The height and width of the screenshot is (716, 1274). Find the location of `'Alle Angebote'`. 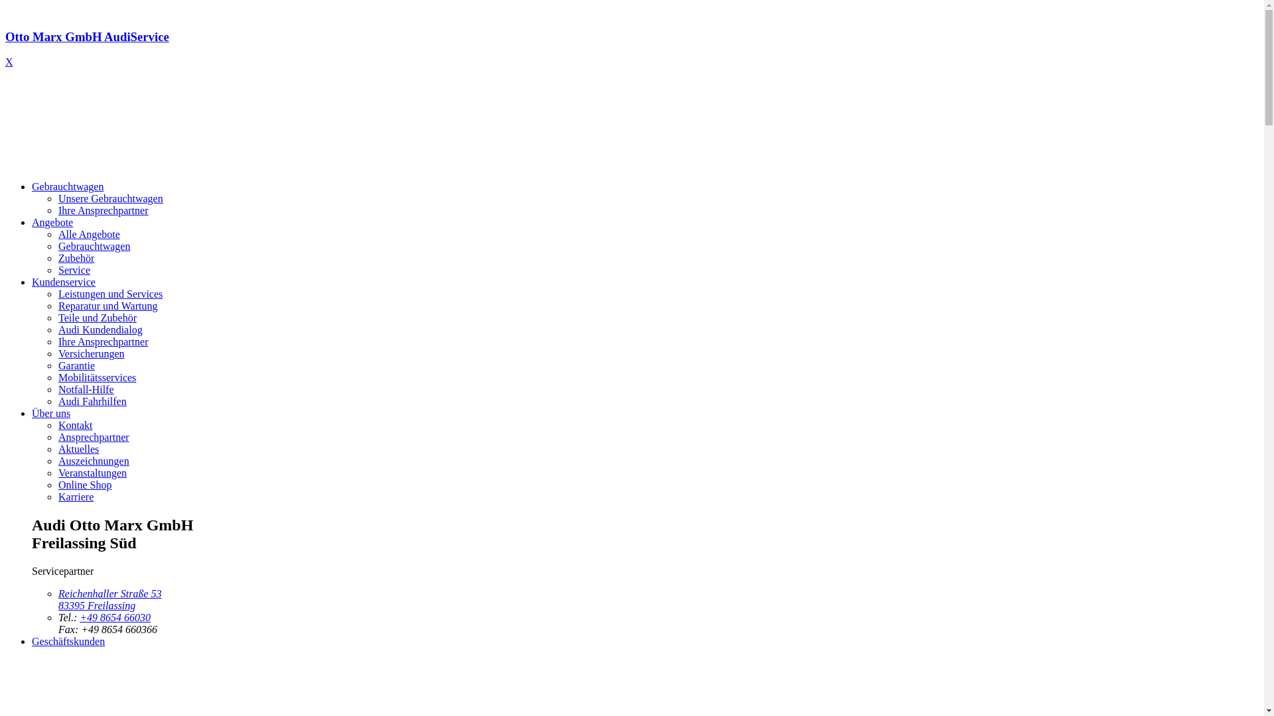

'Alle Angebote' is located at coordinates (88, 233).